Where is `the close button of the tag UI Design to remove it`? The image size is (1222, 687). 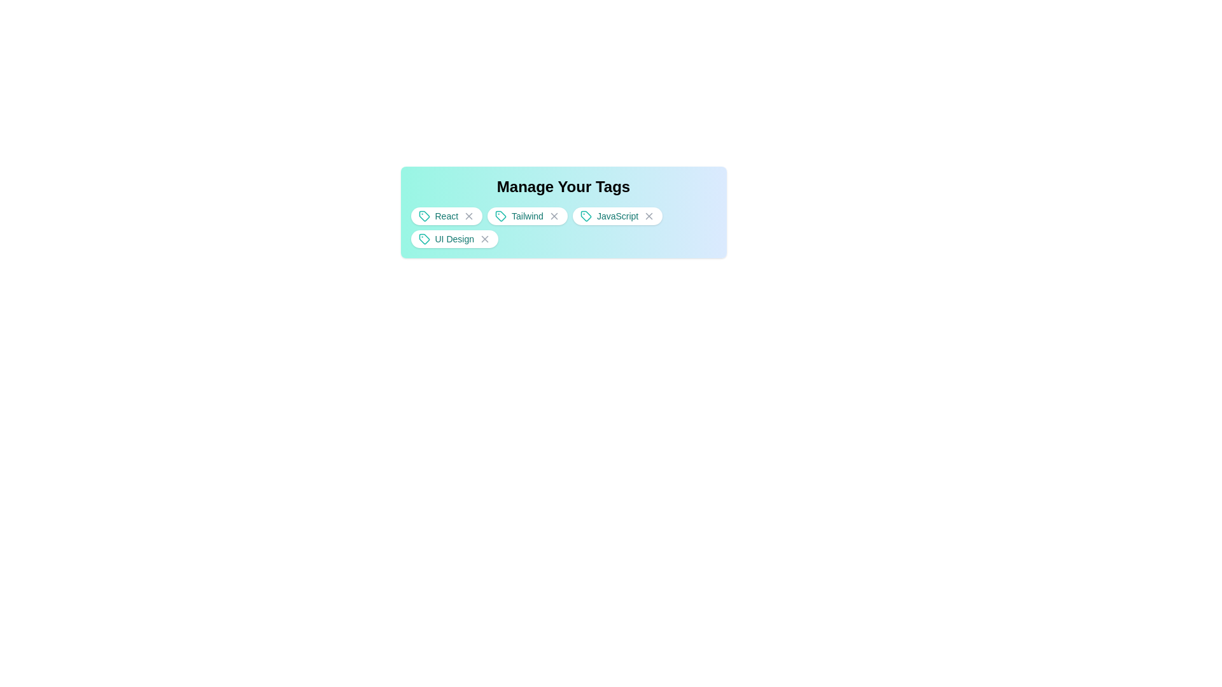
the close button of the tag UI Design to remove it is located at coordinates (482, 239).